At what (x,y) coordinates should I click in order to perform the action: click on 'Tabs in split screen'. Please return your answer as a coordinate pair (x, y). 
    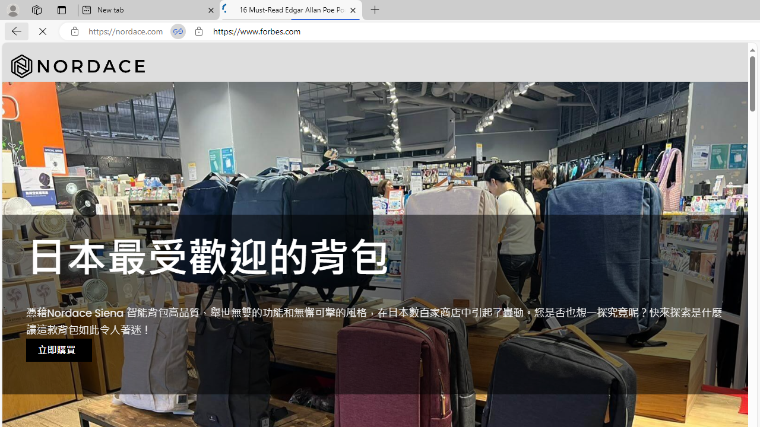
    Looking at the image, I should click on (178, 31).